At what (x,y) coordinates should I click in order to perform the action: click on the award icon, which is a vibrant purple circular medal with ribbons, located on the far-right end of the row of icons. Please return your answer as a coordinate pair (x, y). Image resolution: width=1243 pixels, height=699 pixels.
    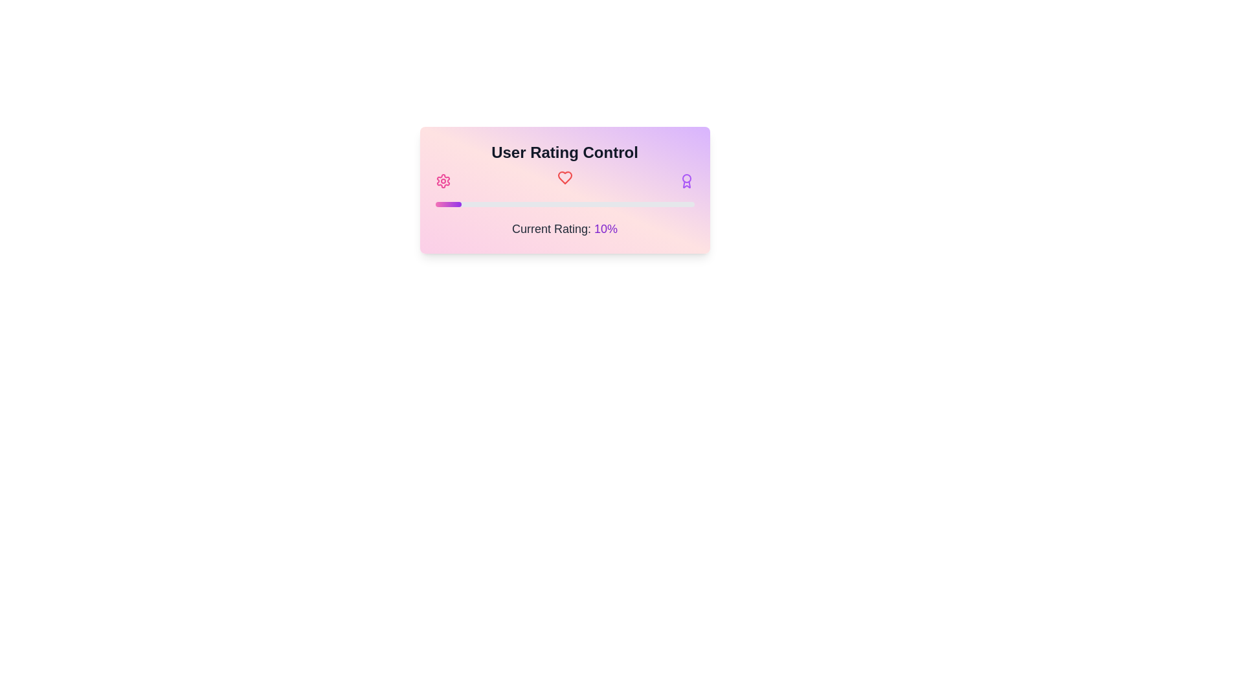
    Looking at the image, I should click on (686, 181).